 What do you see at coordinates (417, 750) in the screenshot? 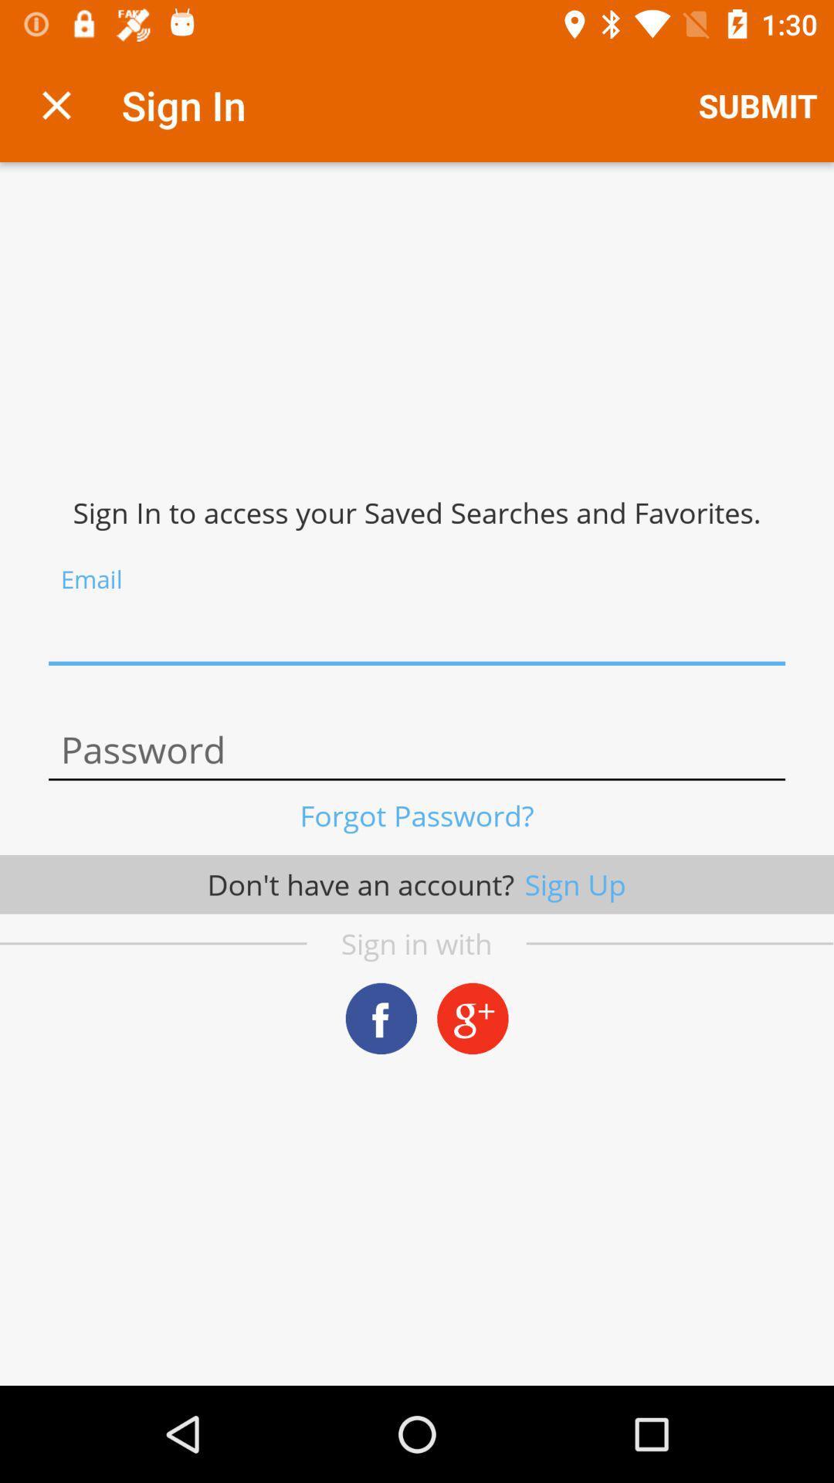
I see `password option` at bounding box center [417, 750].